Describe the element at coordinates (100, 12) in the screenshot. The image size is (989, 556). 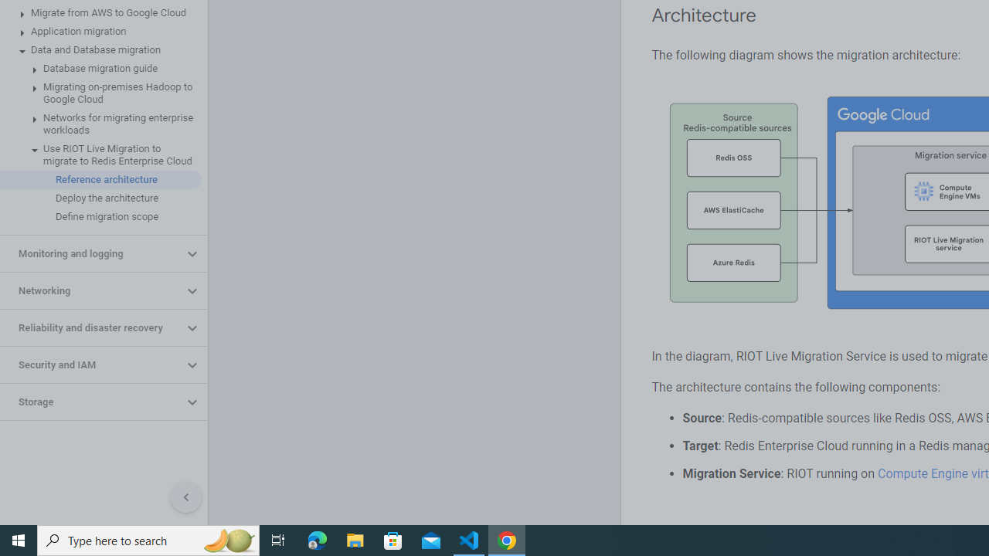
I see `'Migrate from AWS to Google Cloud'` at that location.